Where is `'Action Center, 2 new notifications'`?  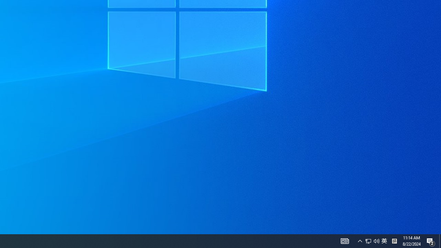
'Action Center, 2 new notifications' is located at coordinates (431, 240).